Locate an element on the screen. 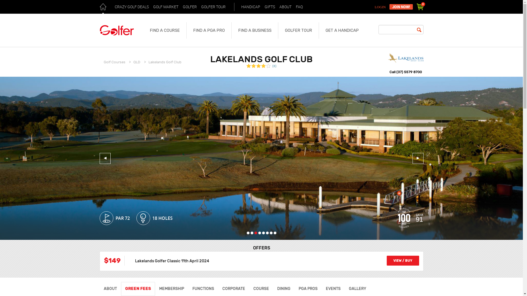 This screenshot has height=296, width=527. 'FAQ' is located at coordinates (299, 7).